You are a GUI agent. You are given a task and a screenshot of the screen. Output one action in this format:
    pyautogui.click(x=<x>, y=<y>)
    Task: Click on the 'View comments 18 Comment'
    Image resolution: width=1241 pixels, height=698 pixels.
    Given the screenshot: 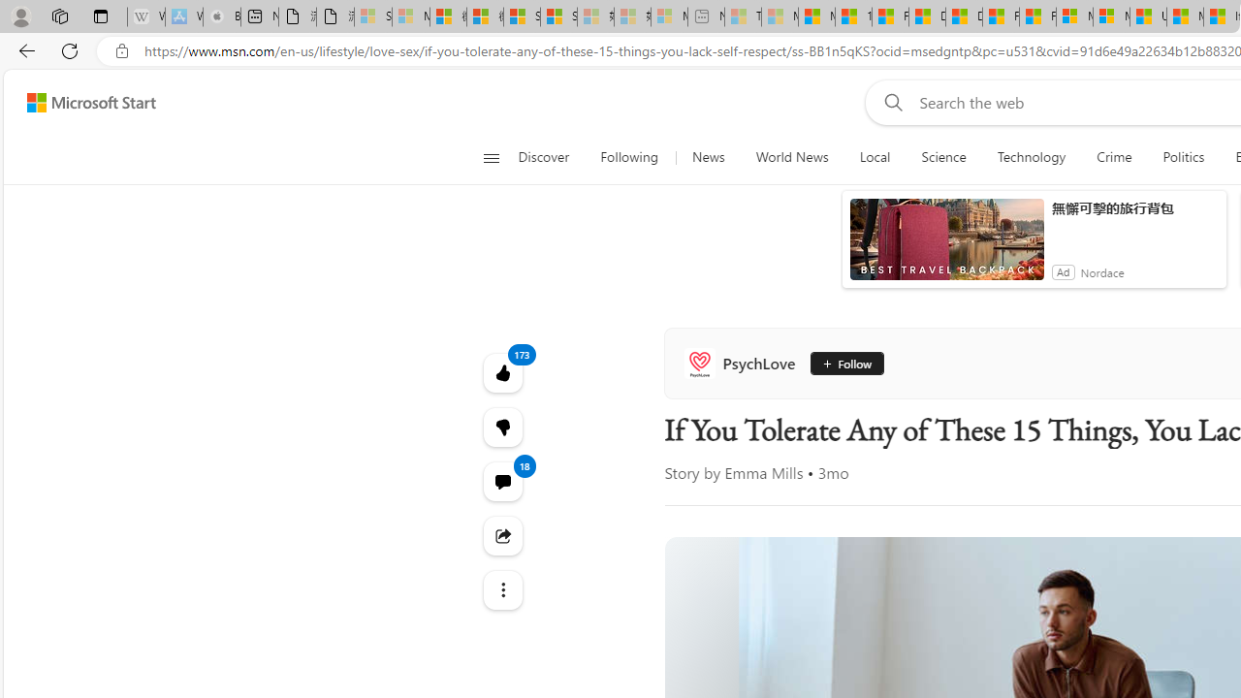 What is the action you would take?
    pyautogui.click(x=502, y=480)
    